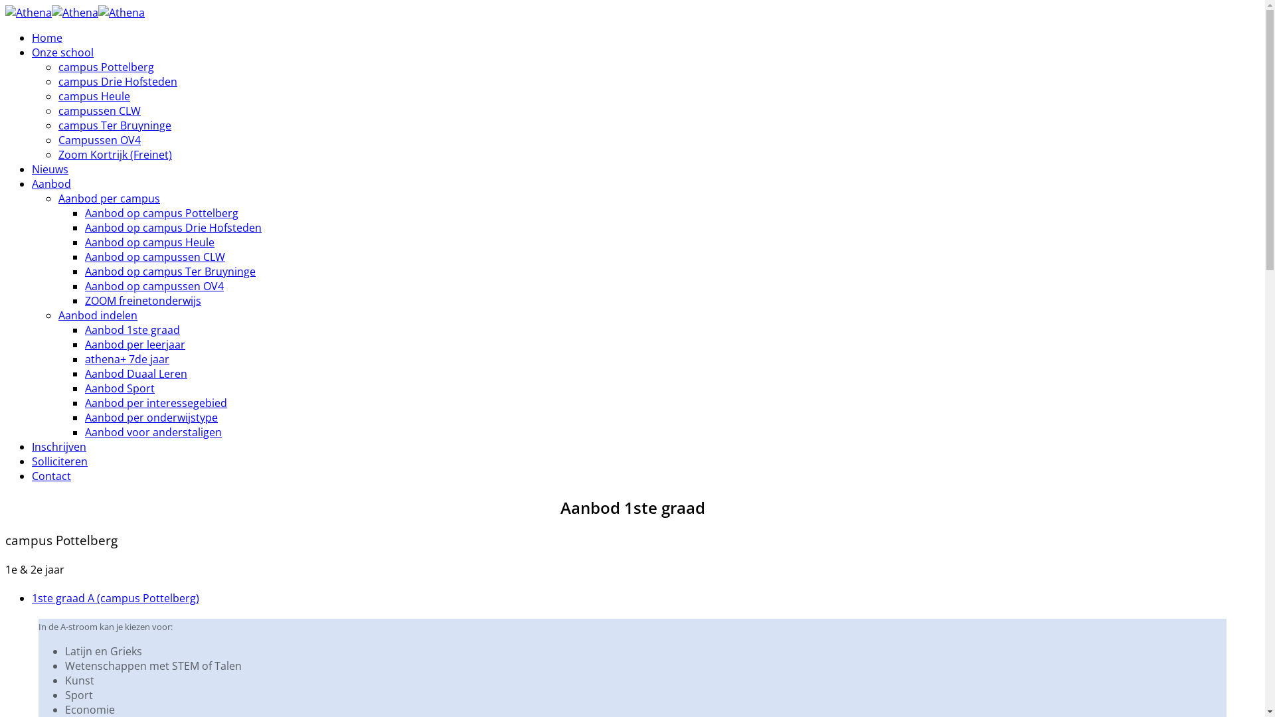 The width and height of the screenshot is (1275, 717). I want to click on 'Home', so click(47, 37).